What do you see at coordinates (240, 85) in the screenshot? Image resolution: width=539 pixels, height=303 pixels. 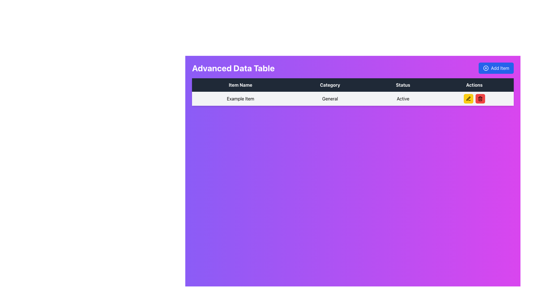 I see `the table header cell that labels the first column of the data table, which indicates item names, positioned at the top-left corner of the table` at bounding box center [240, 85].